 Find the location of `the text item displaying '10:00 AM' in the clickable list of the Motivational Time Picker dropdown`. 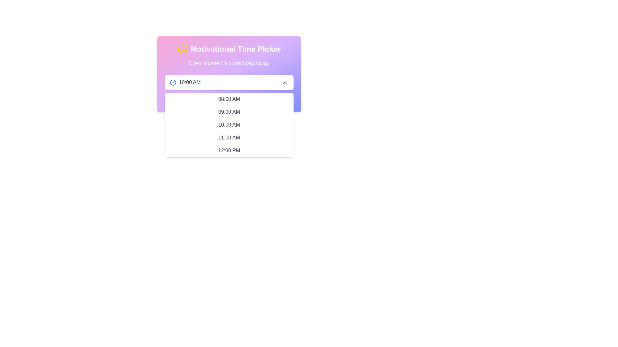

the text item displaying '10:00 AM' in the clickable list of the Motivational Time Picker dropdown is located at coordinates (229, 125).